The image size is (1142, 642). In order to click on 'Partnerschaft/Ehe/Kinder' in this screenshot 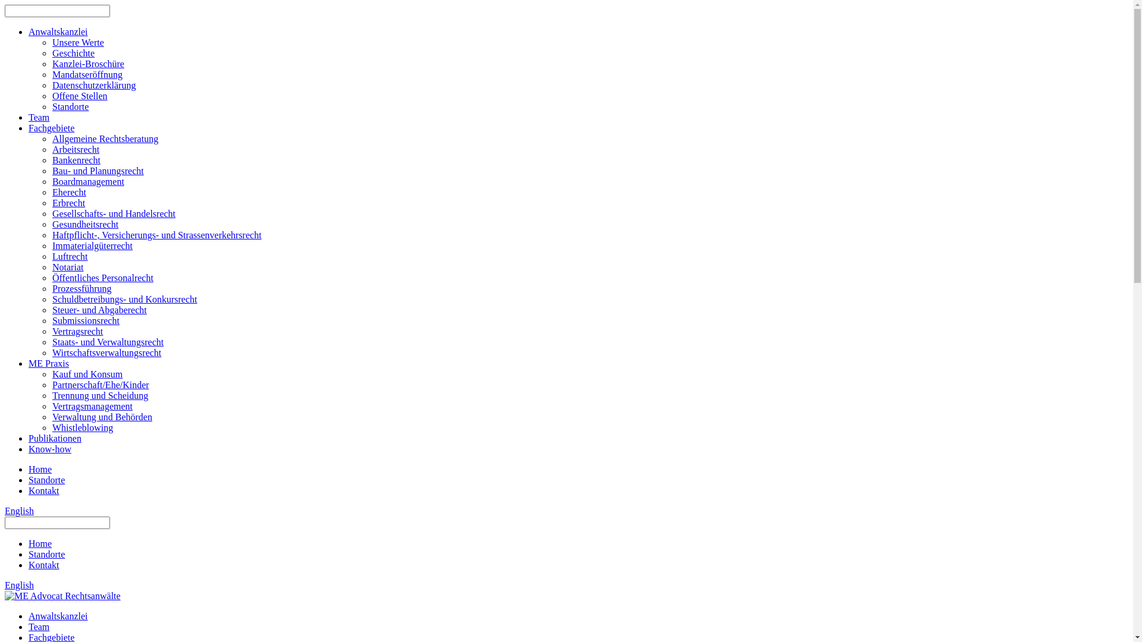, I will do `click(101, 385)`.